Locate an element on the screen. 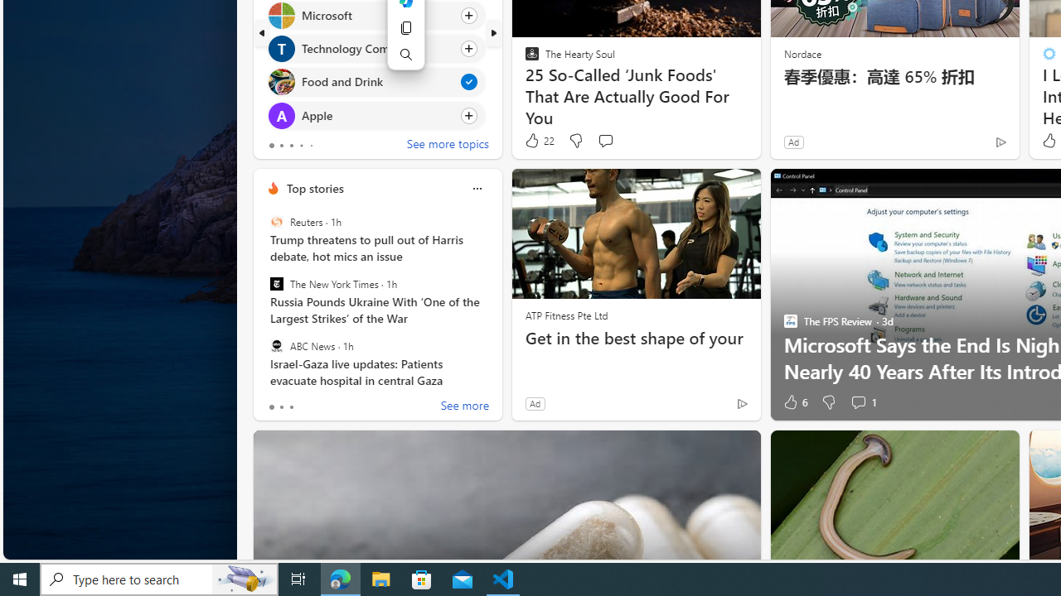 The width and height of the screenshot is (1061, 596). 'Click to follow topic Apple' is located at coordinates (375, 114).